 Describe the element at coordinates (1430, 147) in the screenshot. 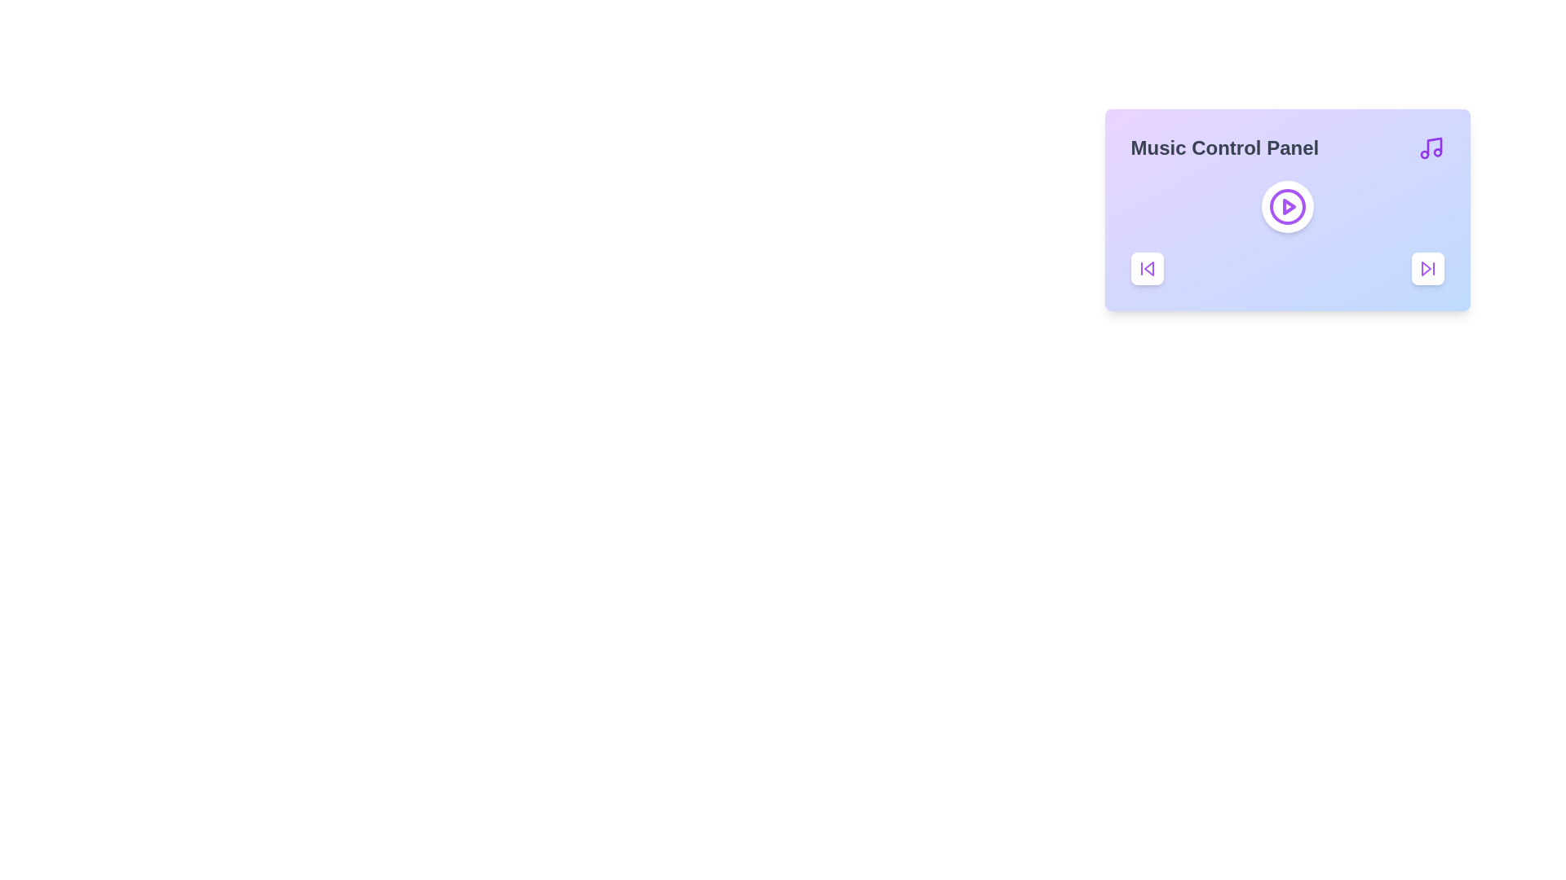

I see `the music-related icon located at the top-right corner of the 'Music Control Panel', which is positioned to the right of the title text` at that location.